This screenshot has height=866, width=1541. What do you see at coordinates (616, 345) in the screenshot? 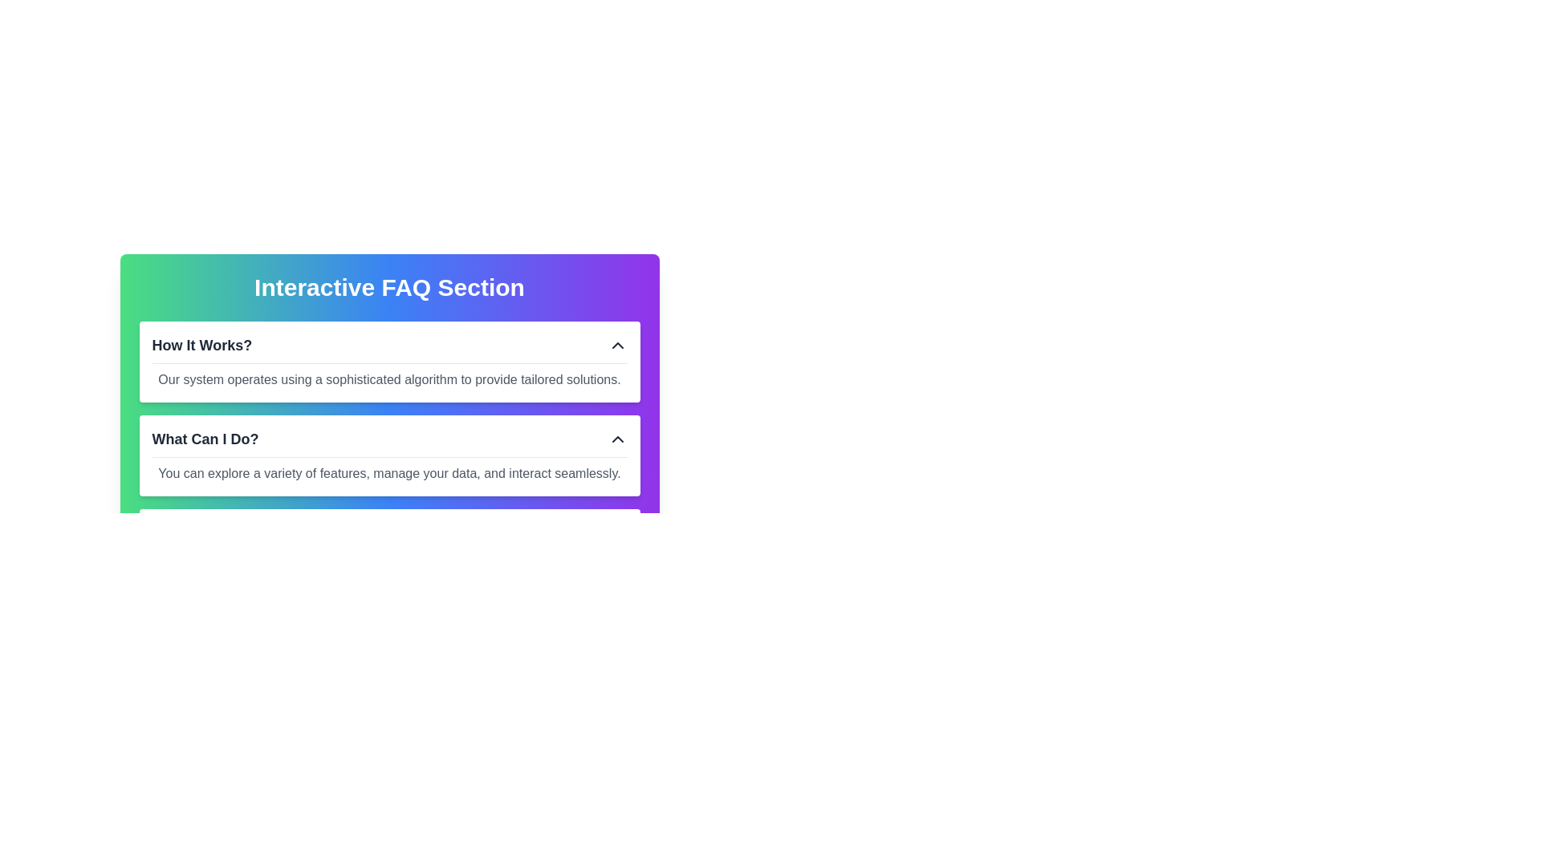
I see `the icon button located at the top-right corner of the 'How It Works?' FAQ section` at bounding box center [616, 345].